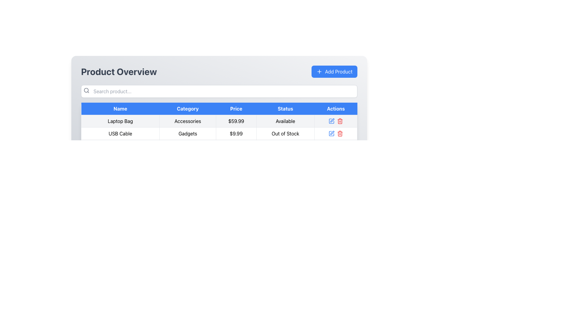 The image size is (583, 328). Describe the element at coordinates (285, 133) in the screenshot. I see `the Static Text Label in the fourth column of the table that indicates the stock status as 'Not Available' for the product in the second row` at that location.